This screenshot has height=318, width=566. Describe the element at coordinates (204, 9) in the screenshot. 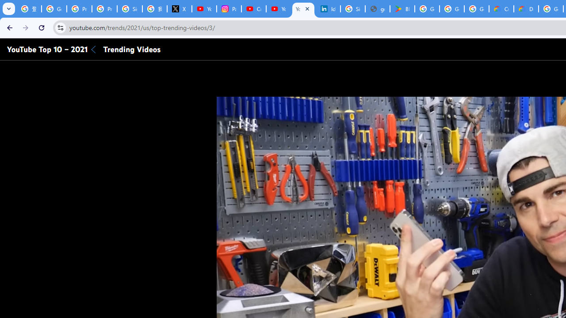

I see `'YouTube Content Monetization Policies - How YouTube Works'` at that location.